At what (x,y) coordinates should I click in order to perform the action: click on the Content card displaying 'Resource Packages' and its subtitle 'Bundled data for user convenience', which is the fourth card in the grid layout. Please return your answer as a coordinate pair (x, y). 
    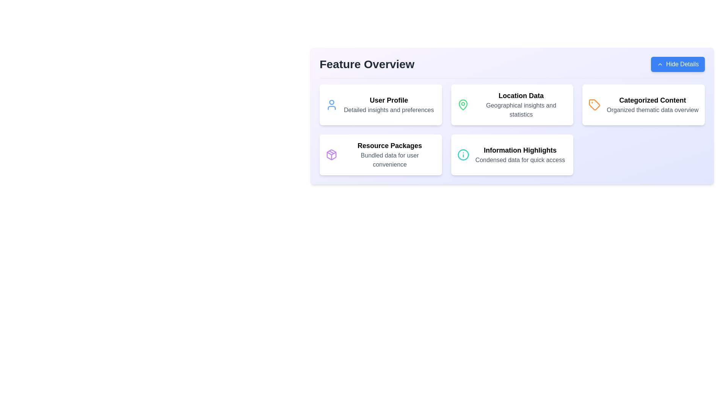
    Looking at the image, I should click on (380, 154).